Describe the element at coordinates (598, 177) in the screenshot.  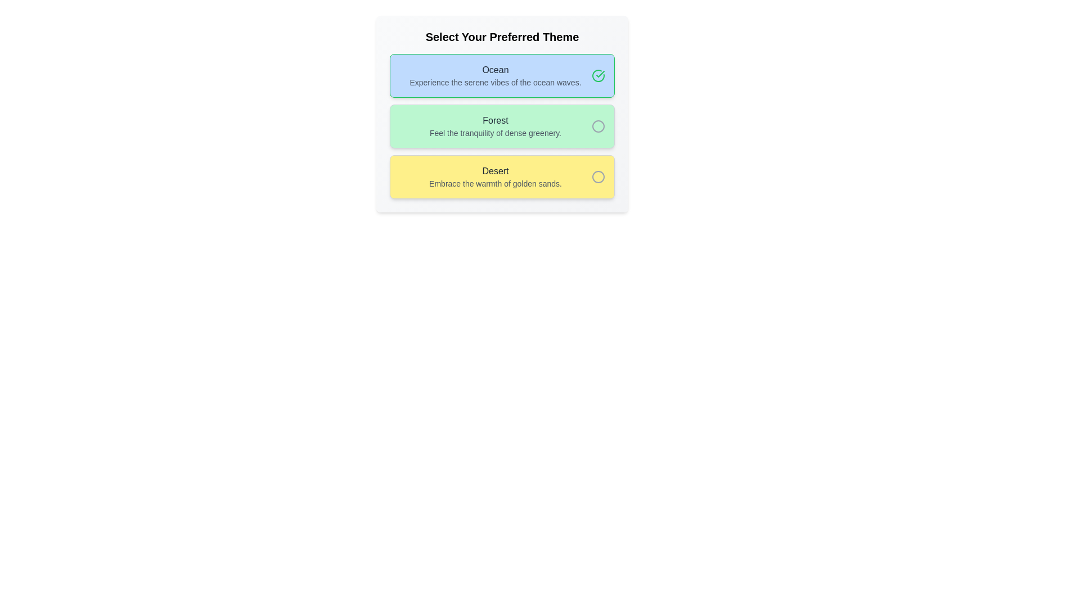
I see `the circular gray Selectable icon located to the right of the 'Desert' option to trigger the tooltip or additional effects` at that location.